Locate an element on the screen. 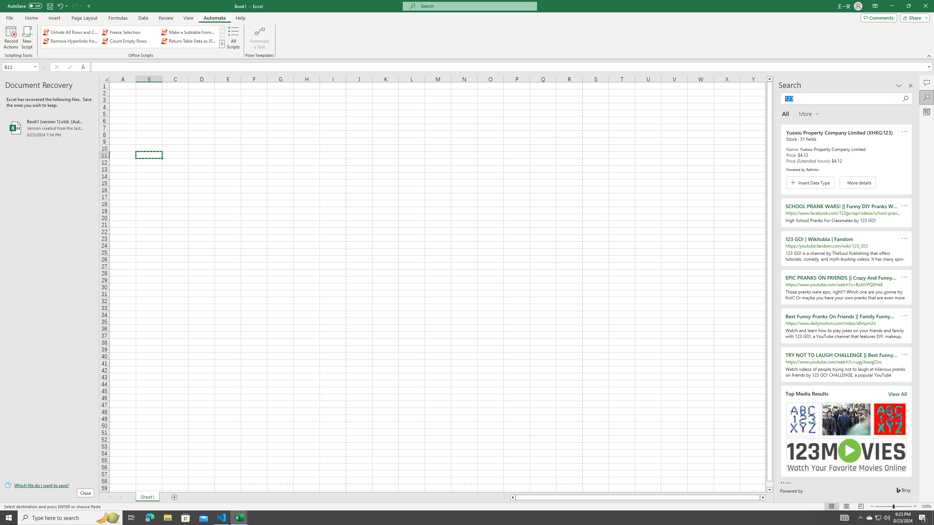 This screenshot has height=525, width=934. 'AutomationID: OfficeScriptsGallery' is located at coordinates (132, 36).